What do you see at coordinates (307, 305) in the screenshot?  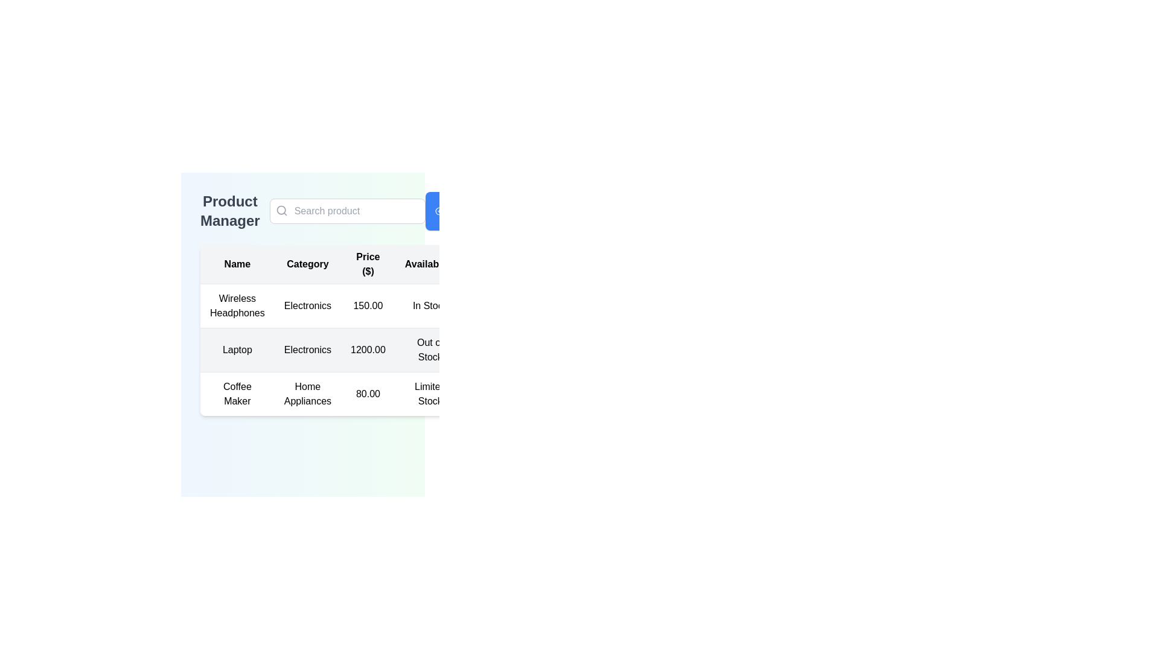 I see `the static text label displaying 'Electronics' located in the 'Category' column of the 'Wireless Headphones' row in the table layout` at bounding box center [307, 305].